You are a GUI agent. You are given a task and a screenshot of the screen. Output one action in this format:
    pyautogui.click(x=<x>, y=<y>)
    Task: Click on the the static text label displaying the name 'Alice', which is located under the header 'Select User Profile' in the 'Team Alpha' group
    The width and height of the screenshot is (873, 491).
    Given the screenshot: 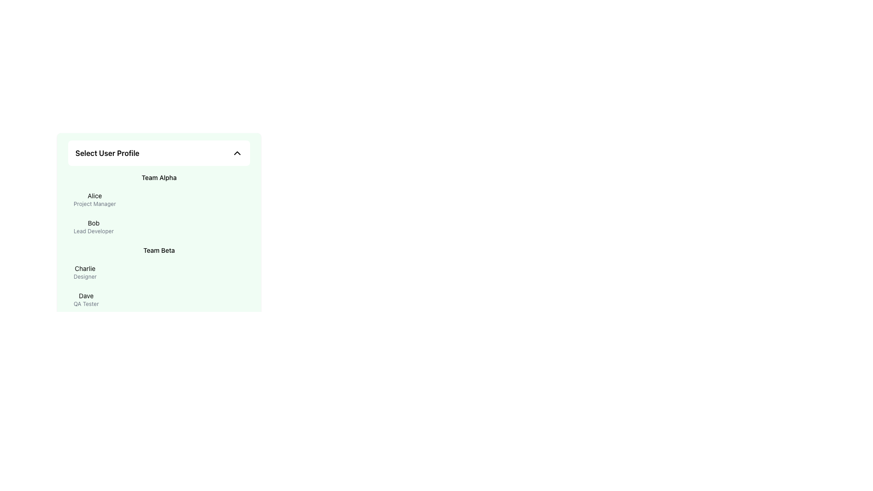 What is the action you would take?
    pyautogui.click(x=95, y=195)
    